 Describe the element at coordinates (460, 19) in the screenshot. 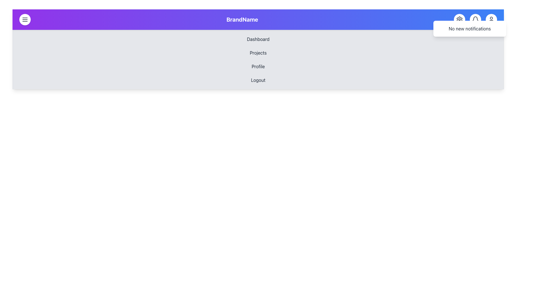

I see `the gear icon, which is a cogwheel-shaped dark gray vector graphic located on the right side of the top navigation bar` at that location.